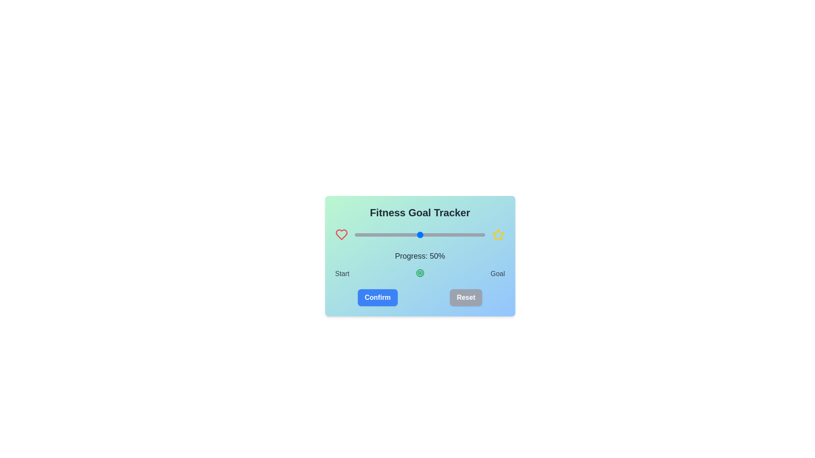 This screenshot has width=815, height=458. What do you see at coordinates (366, 235) in the screenshot?
I see `the slider to set progress to 9%` at bounding box center [366, 235].